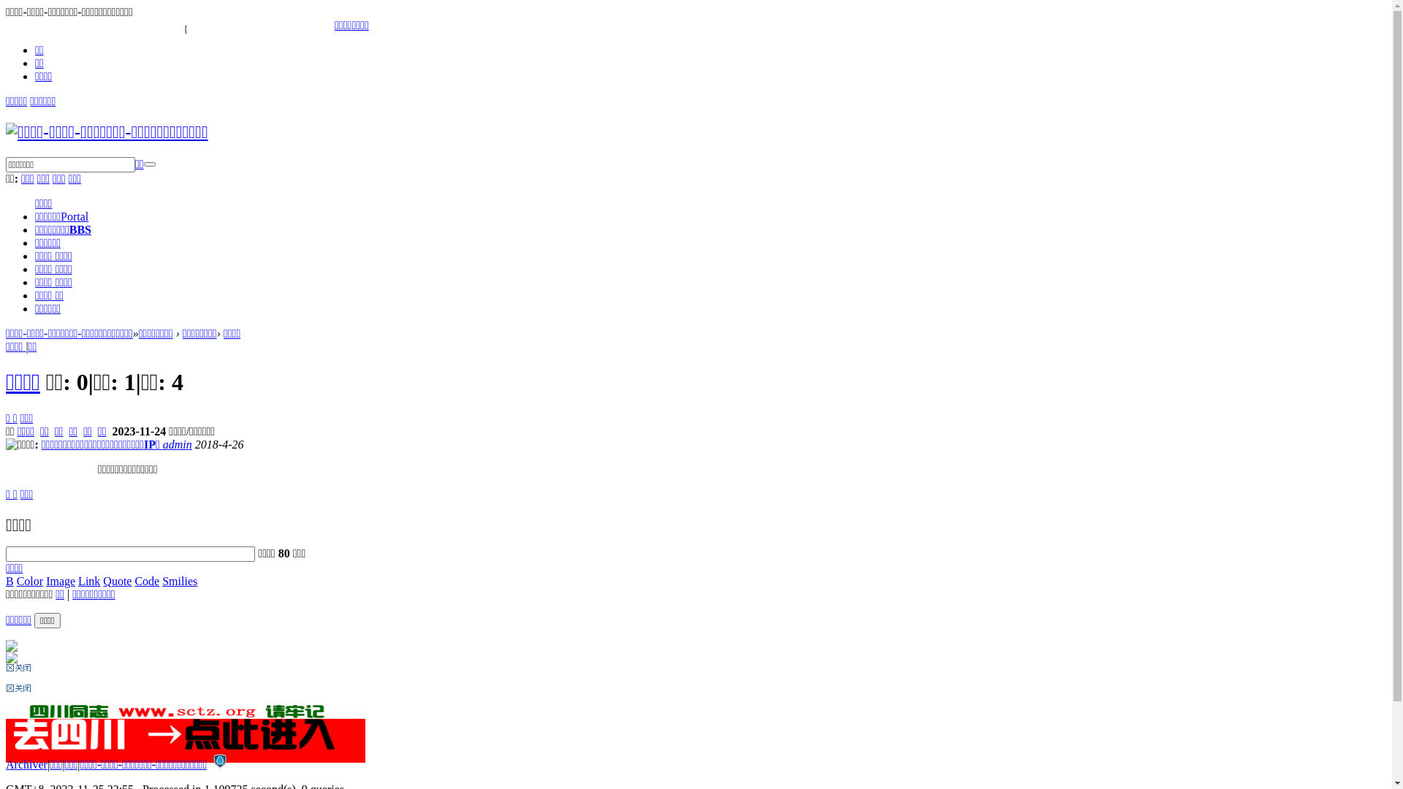 The image size is (1403, 789). What do you see at coordinates (150, 164) in the screenshot?
I see `'true'` at bounding box center [150, 164].